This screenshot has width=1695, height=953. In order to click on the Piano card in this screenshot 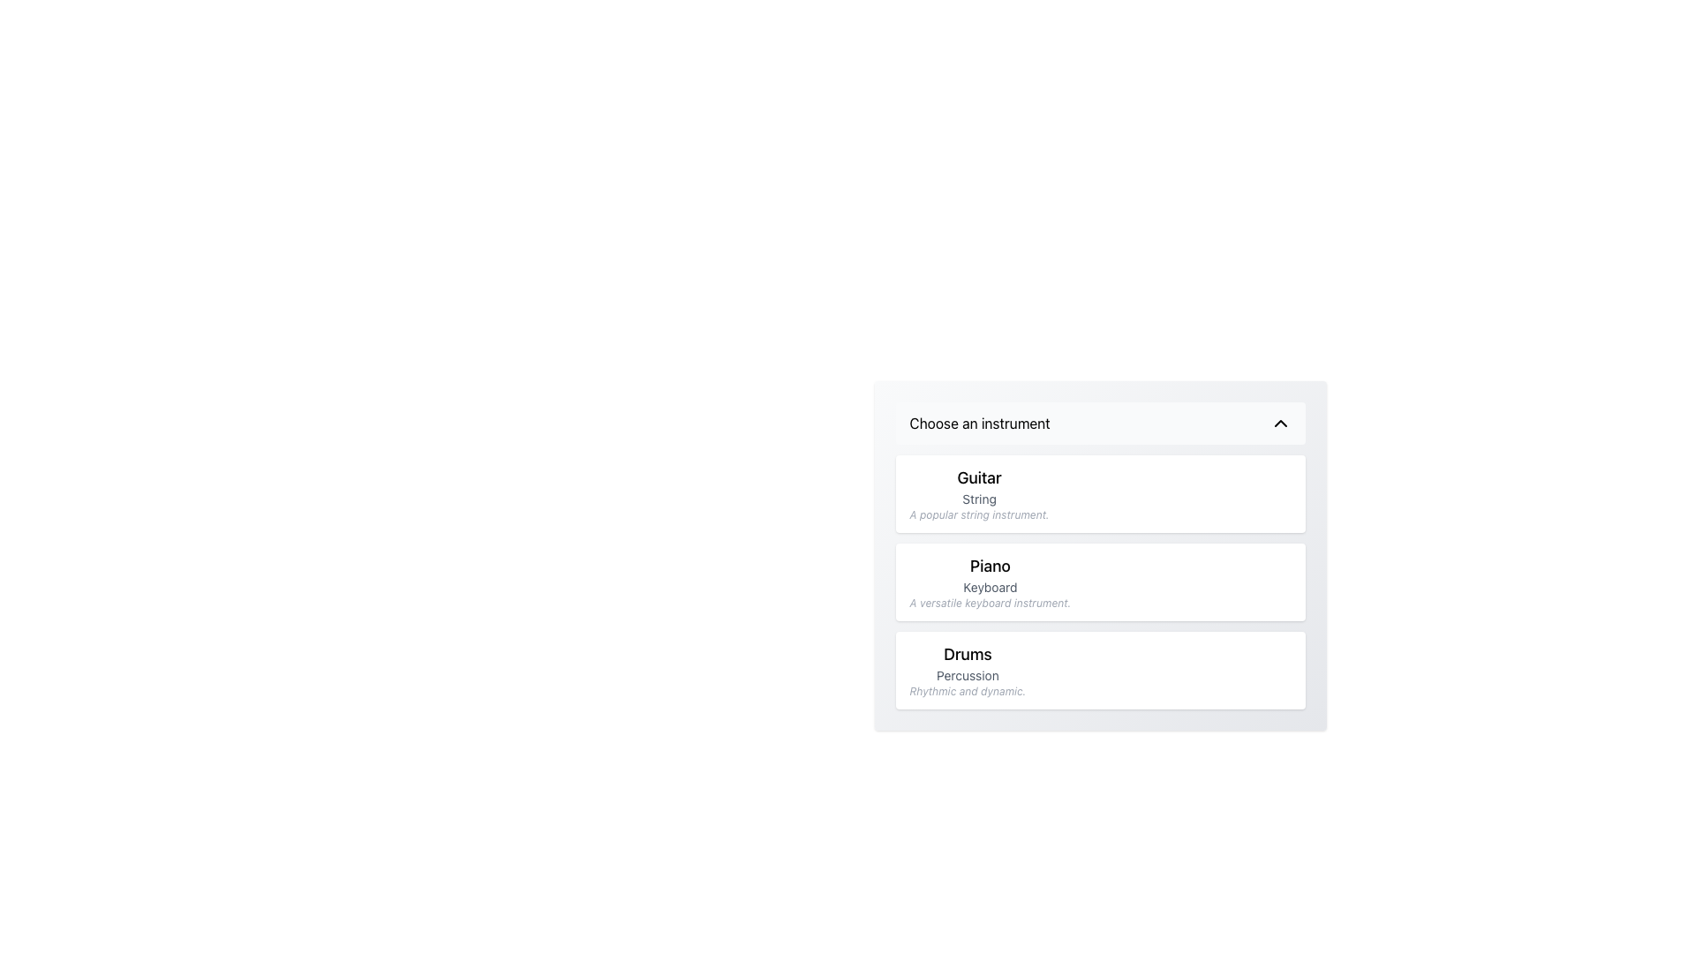, I will do `click(1099, 582)`.